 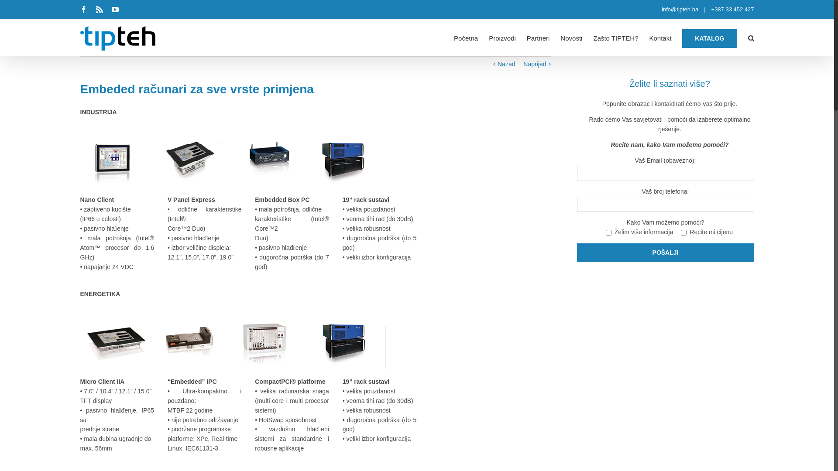 What do you see at coordinates (84, 10) in the screenshot?
I see `'Facebook'` at bounding box center [84, 10].